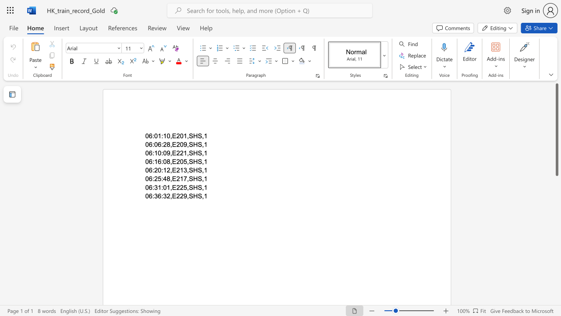 This screenshot has width=561, height=316. I want to click on the page's right scrollbar for downward movement, so click(556, 219).